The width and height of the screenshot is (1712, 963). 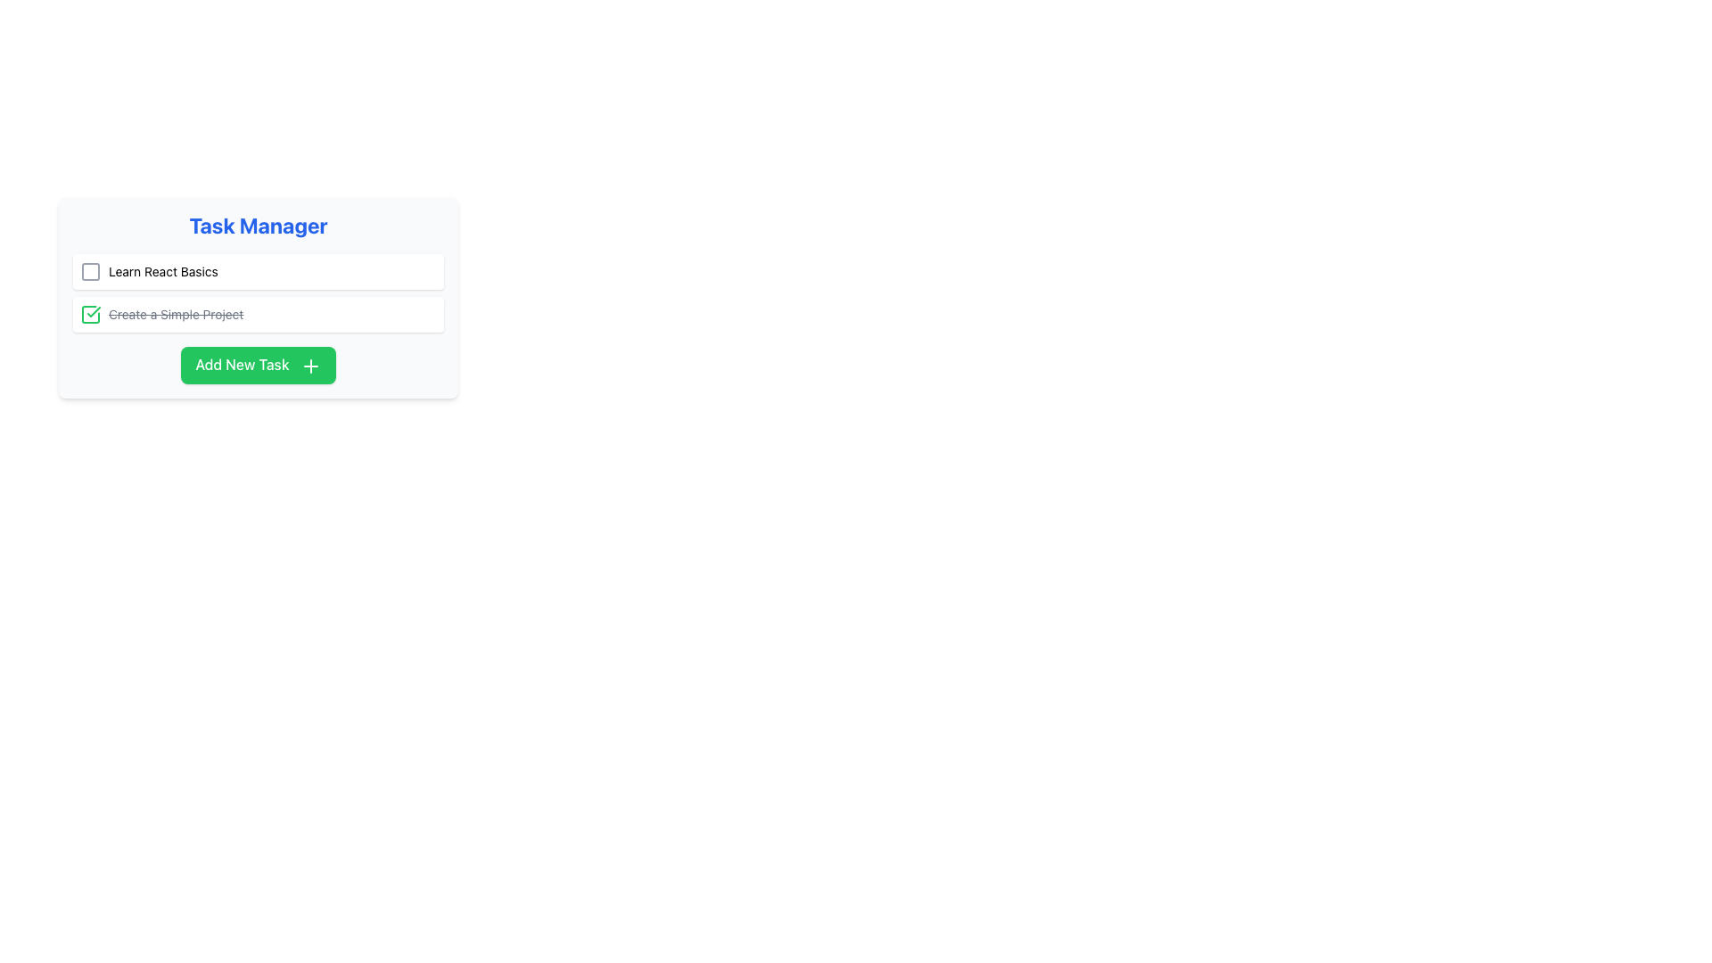 I want to click on the first task entry in the task management application, which is located above the 'Create a Simple Project' task item, so click(x=257, y=271).